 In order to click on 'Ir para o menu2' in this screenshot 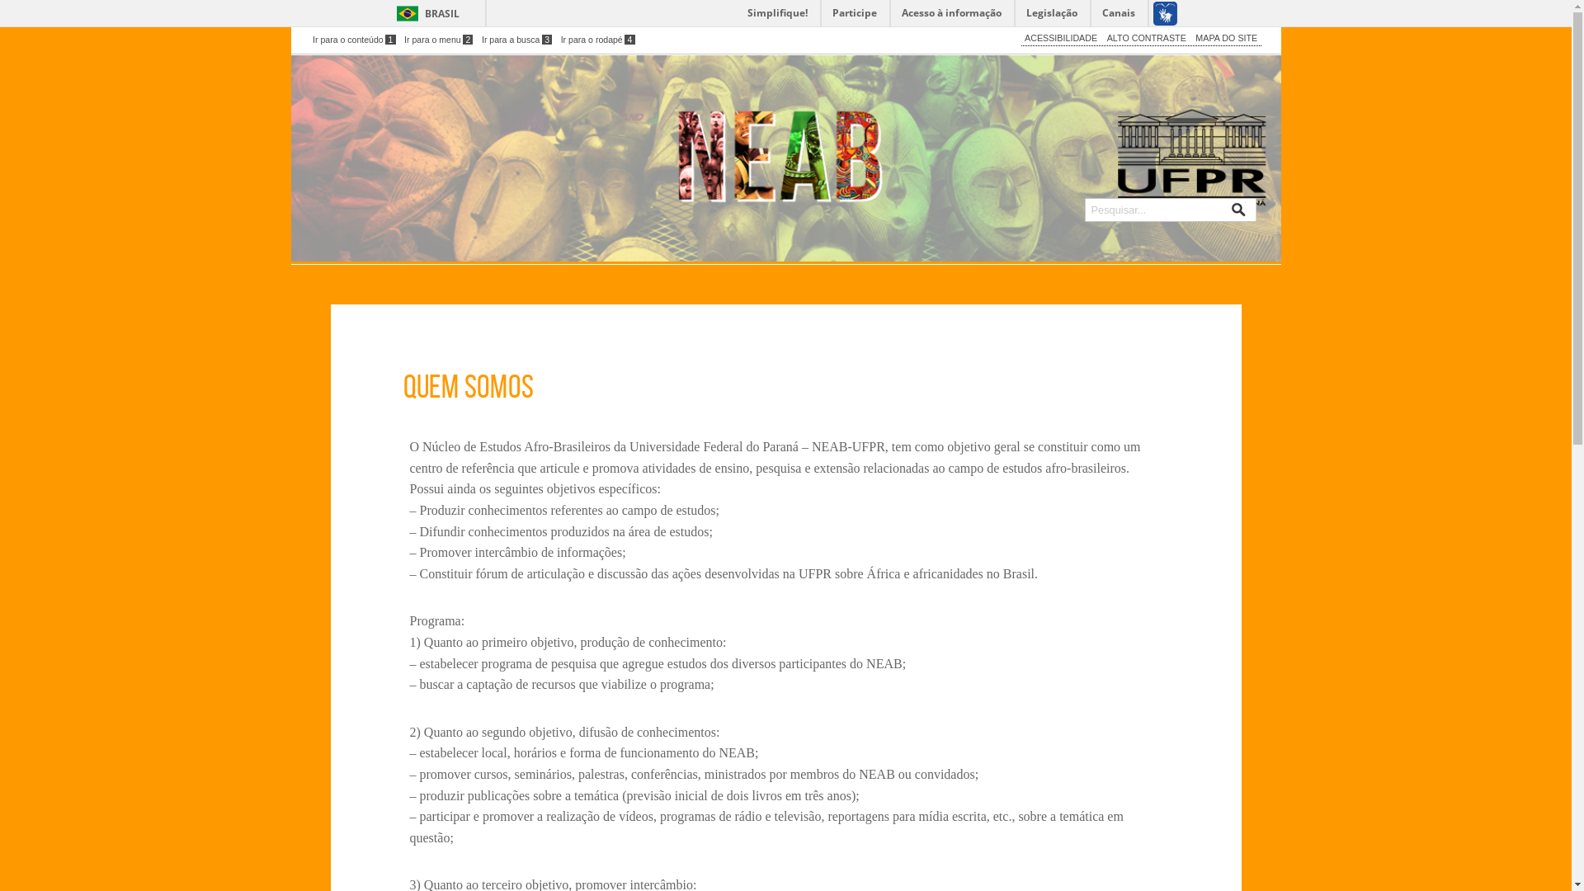, I will do `click(439, 39)`.